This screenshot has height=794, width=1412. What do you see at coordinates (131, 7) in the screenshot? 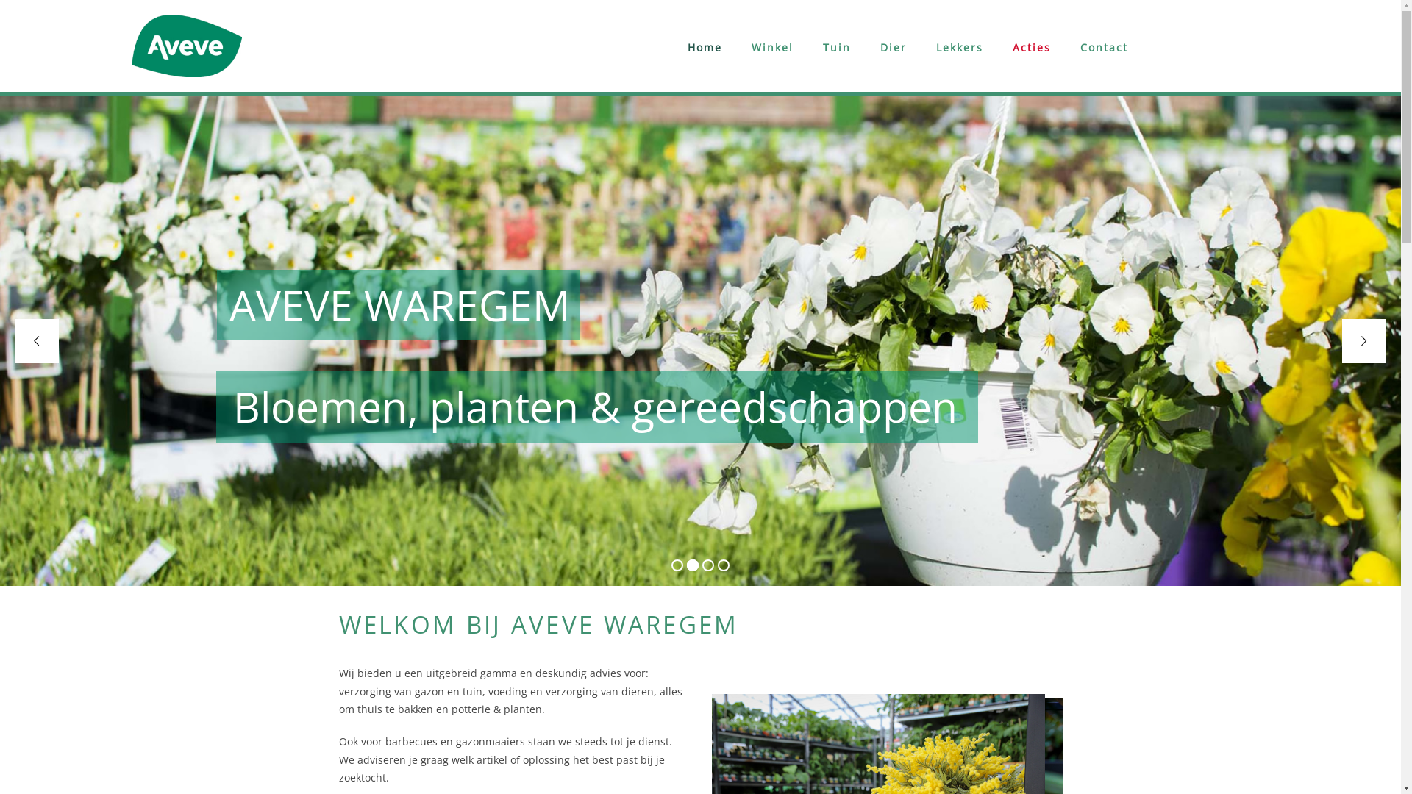
I see `'Ga door naar navigatie'` at bounding box center [131, 7].